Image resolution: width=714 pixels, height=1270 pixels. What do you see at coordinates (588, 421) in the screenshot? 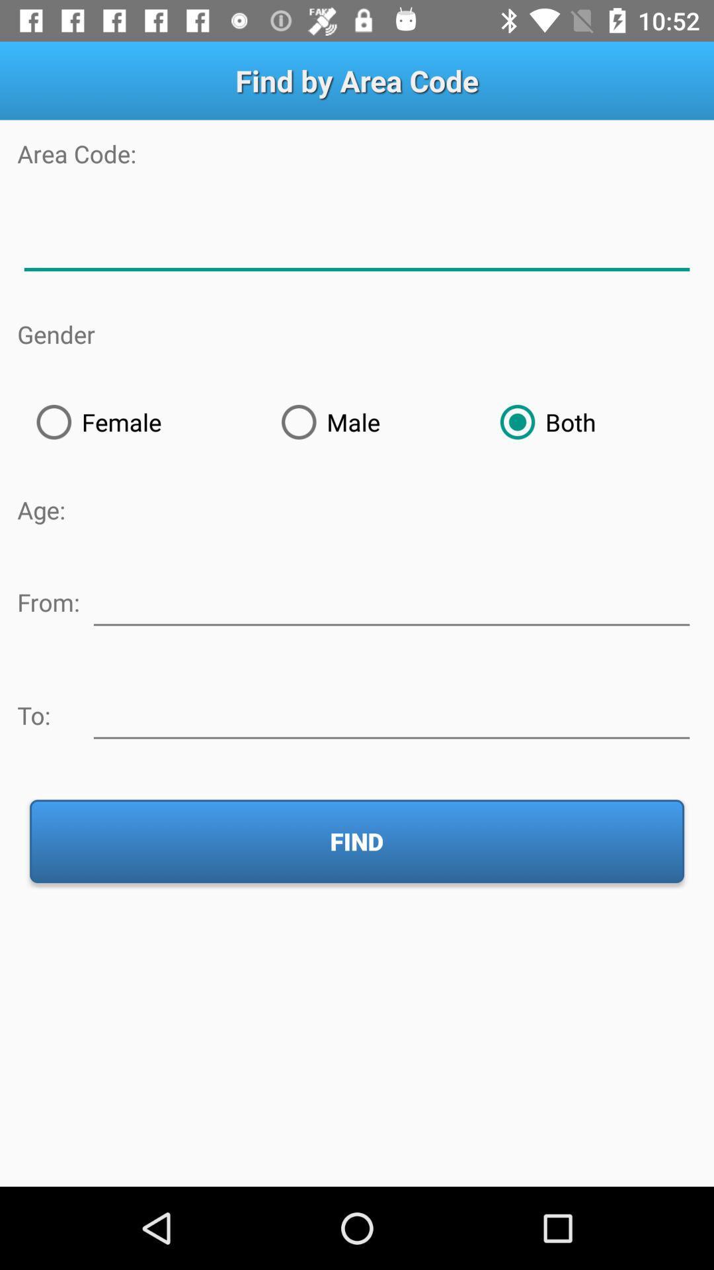
I see `both radio button` at bounding box center [588, 421].